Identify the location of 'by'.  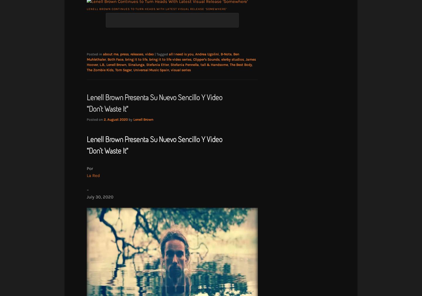
(131, 119).